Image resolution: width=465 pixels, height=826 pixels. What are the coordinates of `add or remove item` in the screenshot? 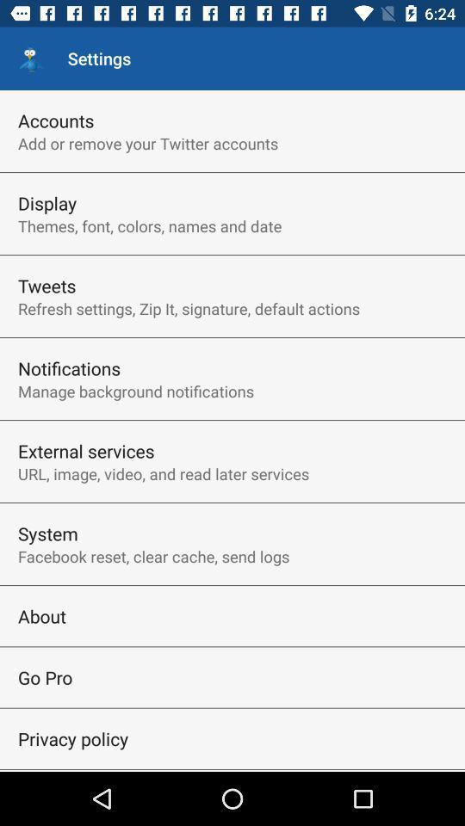 It's located at (148, 142).